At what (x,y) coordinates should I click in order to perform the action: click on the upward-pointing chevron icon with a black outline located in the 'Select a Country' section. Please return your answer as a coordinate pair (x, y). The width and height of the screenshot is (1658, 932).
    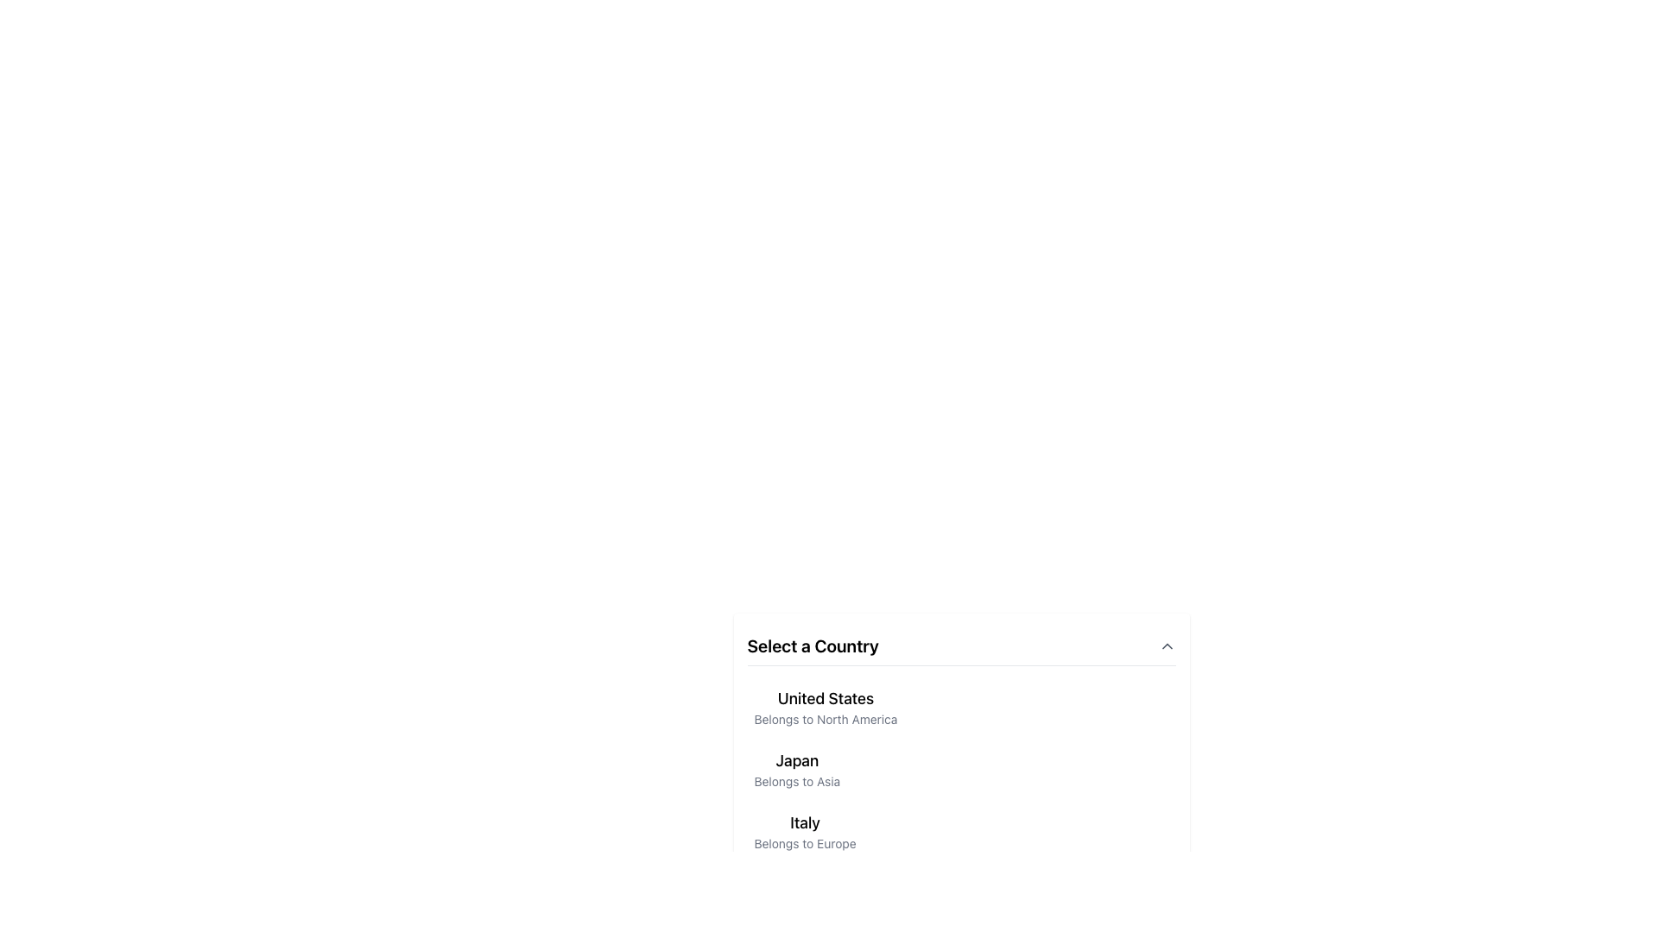
    Looking at the image, I should click on (1167, 645).